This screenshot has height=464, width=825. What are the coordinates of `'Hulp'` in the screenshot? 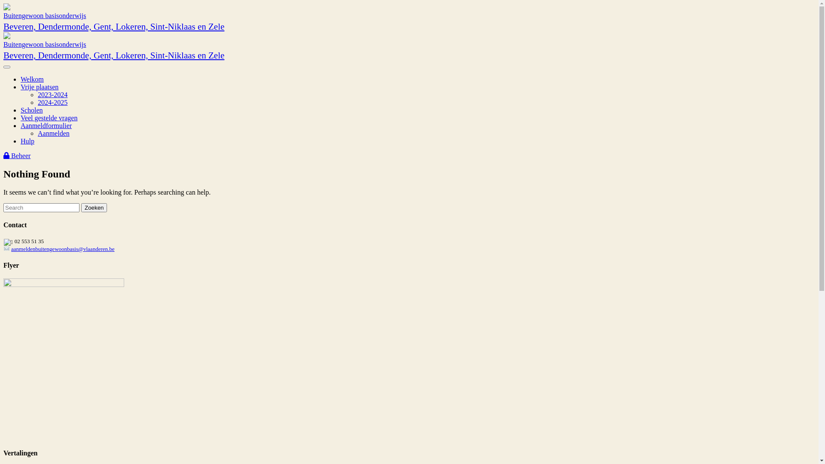 It's located at (27, 140).